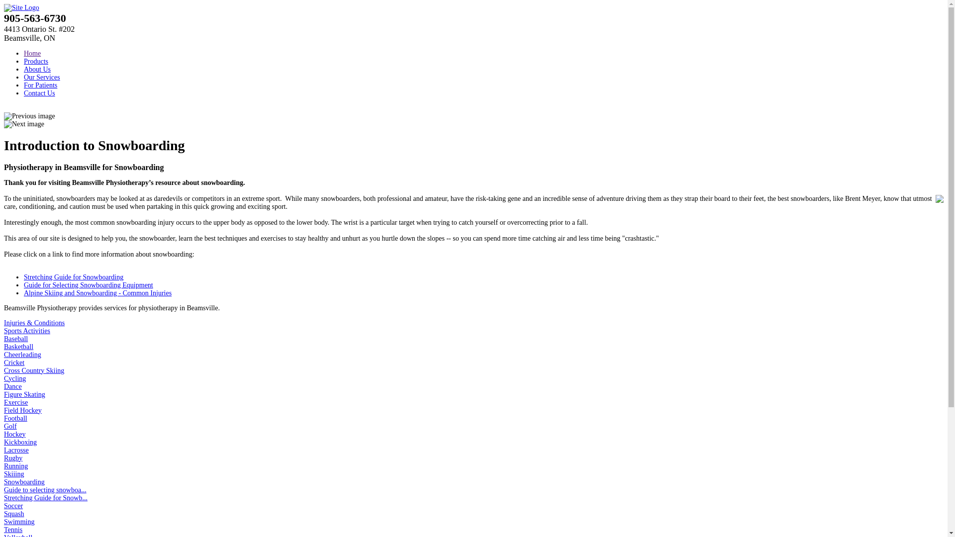 This screenshot has width=955, height=537. I want to click on 'Next image', so click(24, 124).